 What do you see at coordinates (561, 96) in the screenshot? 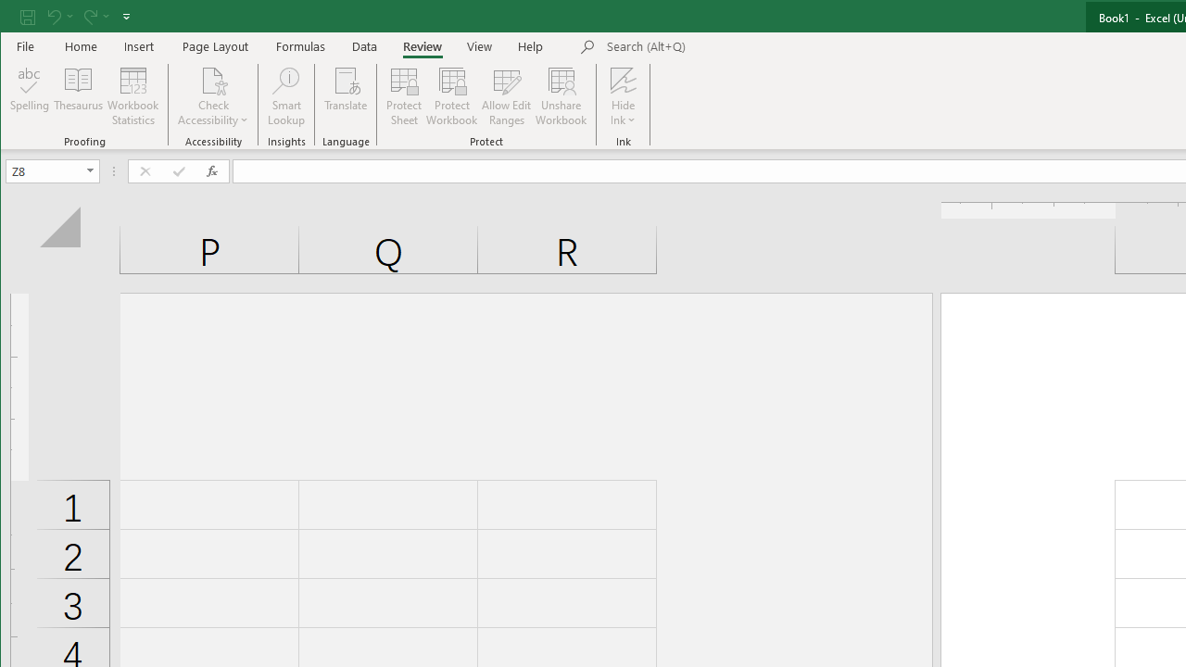
I see `'Unshare Workbook'` at bounding box center [561, 96].